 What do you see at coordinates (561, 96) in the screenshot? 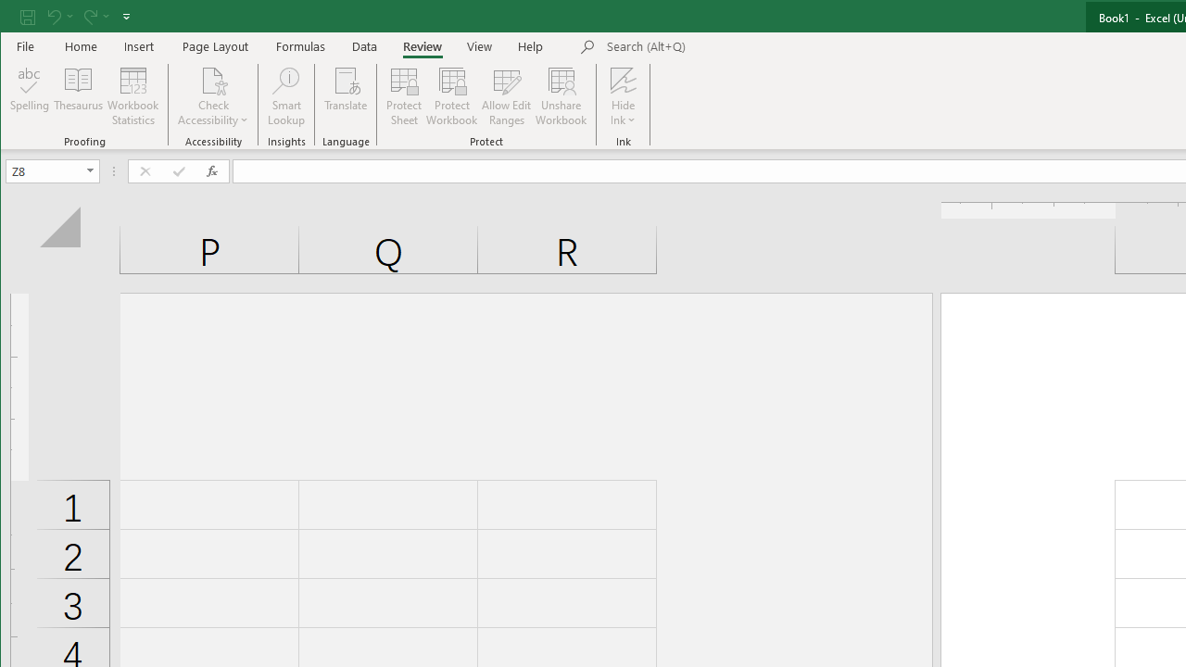
I see `'Unshare Workbook'` at bounding box center [561, 96].